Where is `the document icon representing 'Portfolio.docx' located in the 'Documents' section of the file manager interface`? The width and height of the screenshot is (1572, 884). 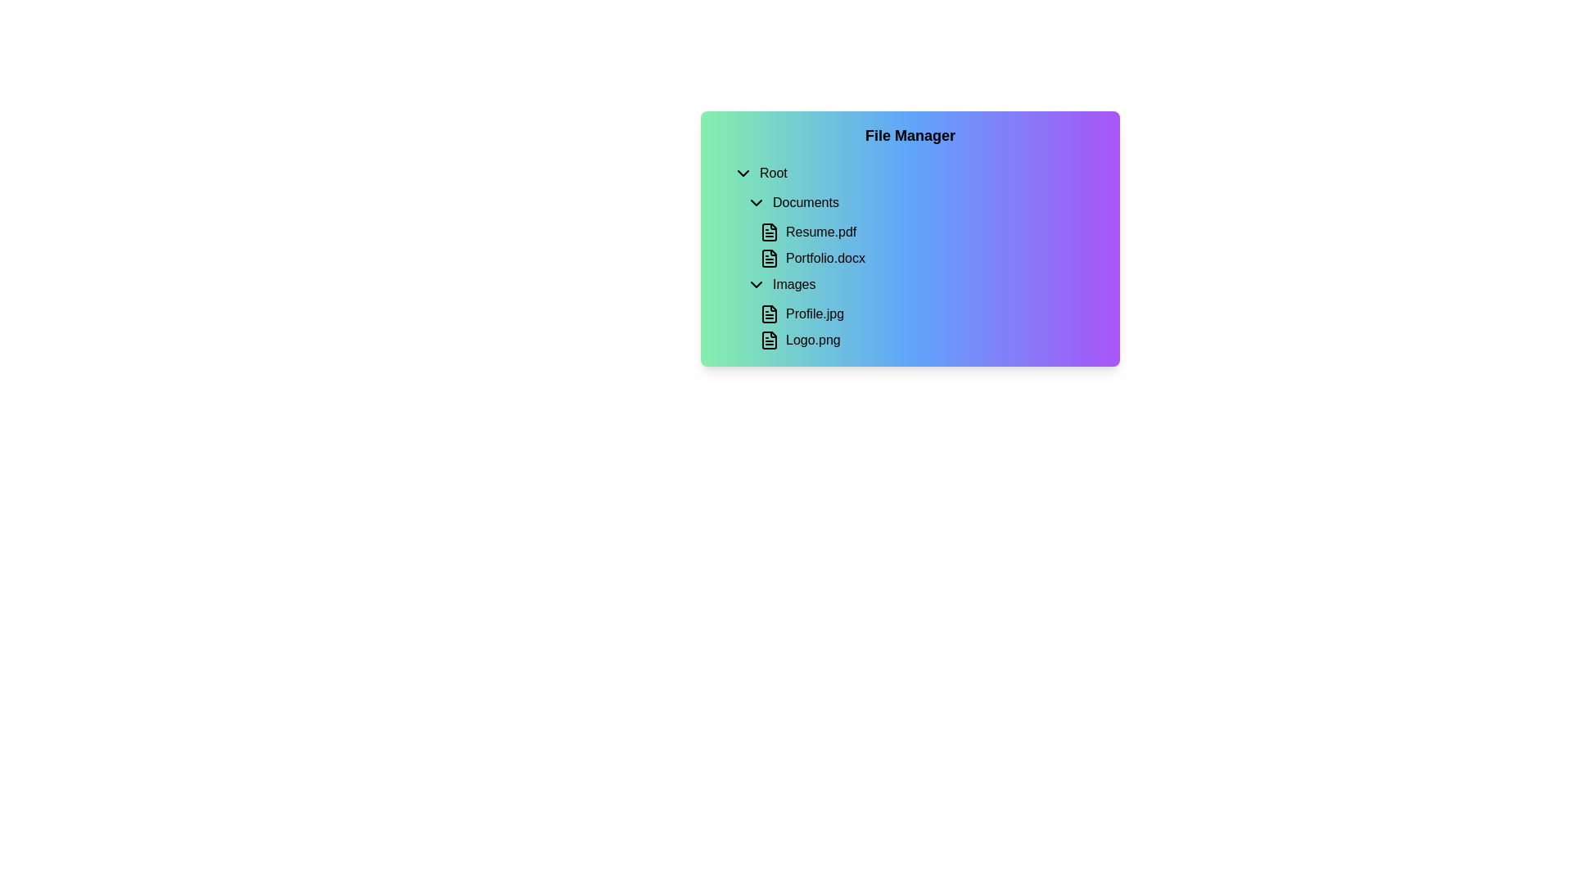 the document icon representing 'Portfolio.docx' located in the 'Documents' section of the file manager interface is located at coordinates (769, 258).